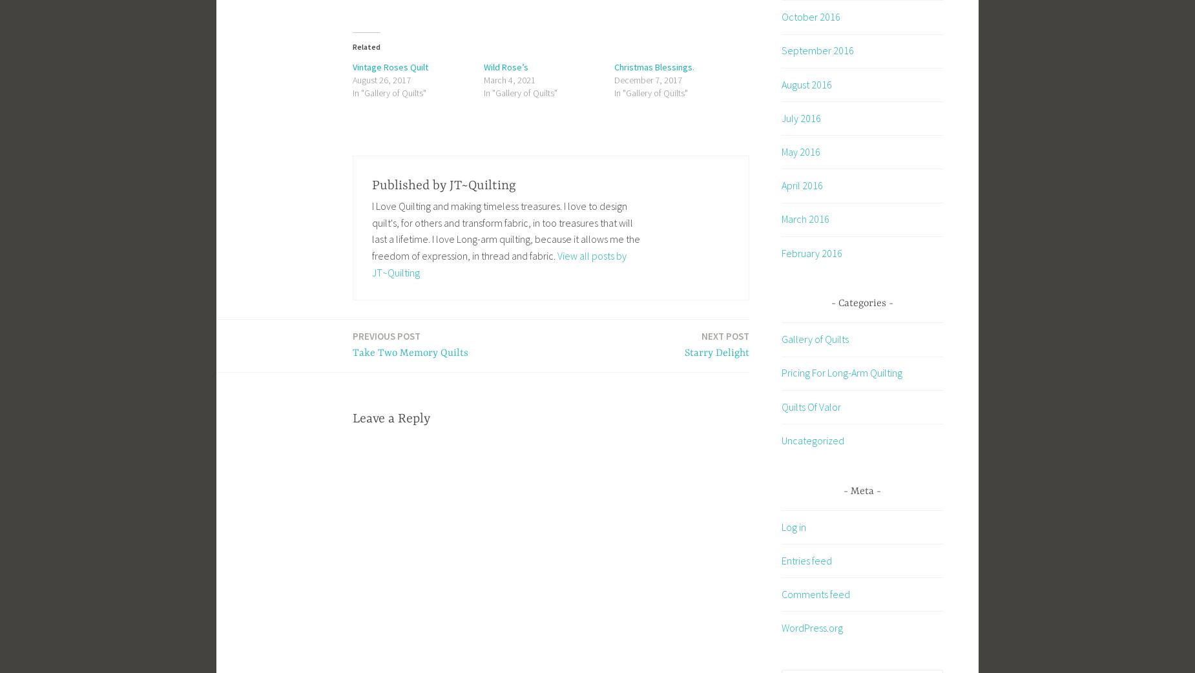 The width and height of the screenshot is (1195, 673). I want to click on 'Leave a Reply', so click(352, 419).